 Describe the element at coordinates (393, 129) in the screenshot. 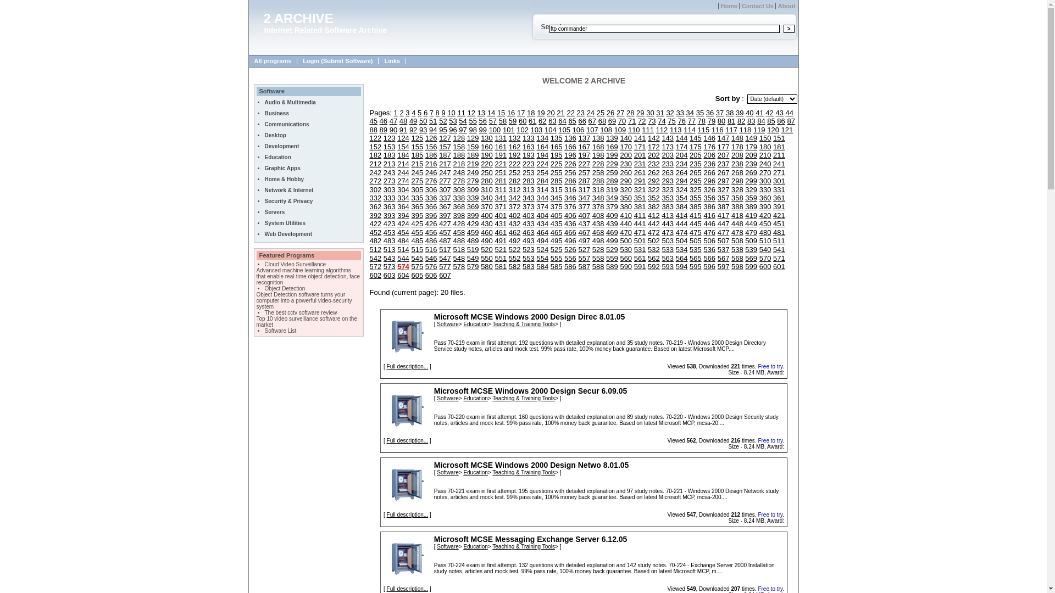

I see `'90'` at that location.